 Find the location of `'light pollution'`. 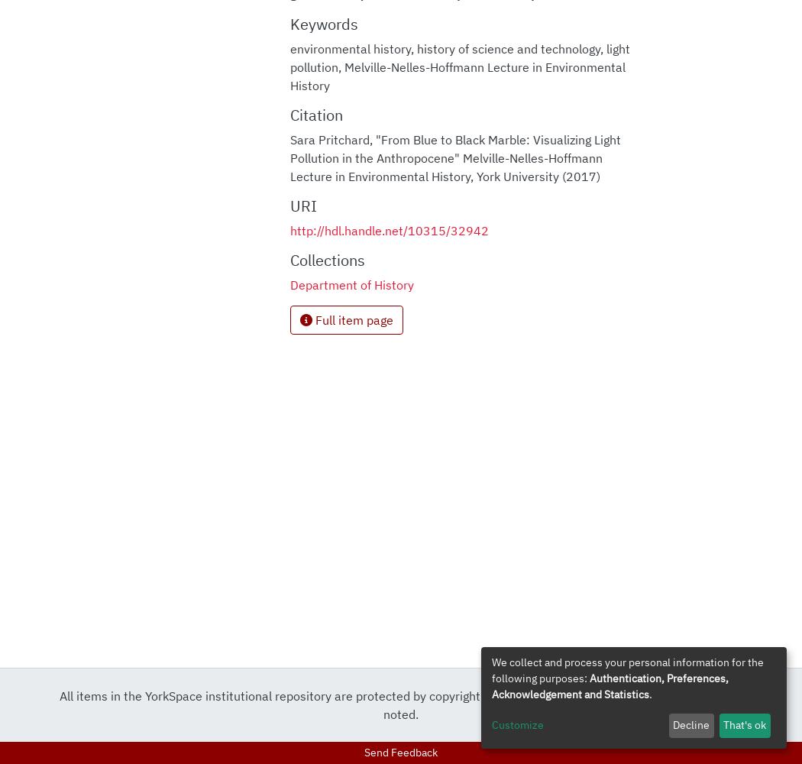

'light pollution' is located at coordinates (459, 57).